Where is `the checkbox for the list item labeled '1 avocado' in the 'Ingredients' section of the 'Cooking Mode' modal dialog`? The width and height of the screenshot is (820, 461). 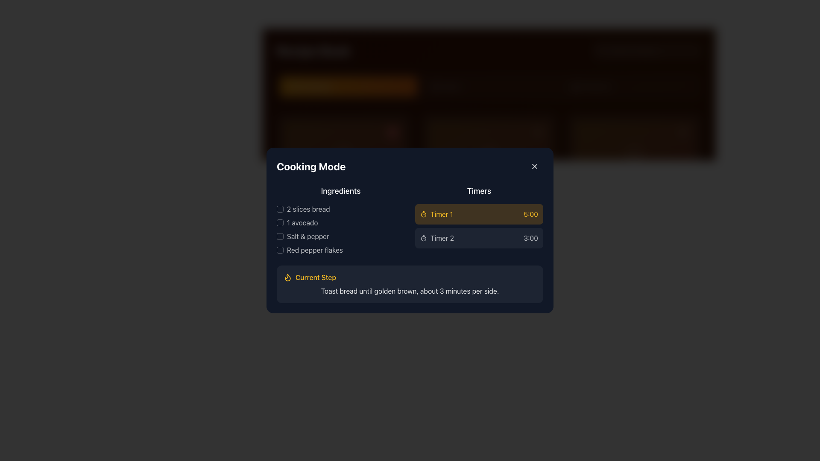 the checkbox for the list item labeled '1 avocado' in the 'Ingredients' section of the 'Cooking Mode' modal dialog is located at coordinates (280, 222).